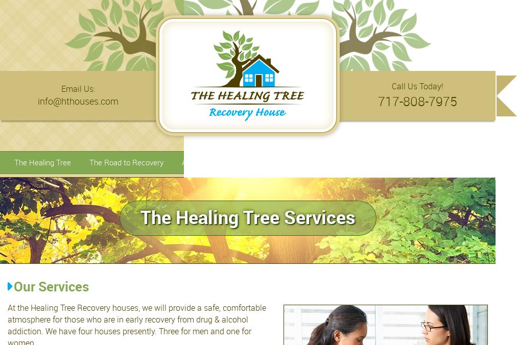  I want to click on 'Payment', so click(466, 162).